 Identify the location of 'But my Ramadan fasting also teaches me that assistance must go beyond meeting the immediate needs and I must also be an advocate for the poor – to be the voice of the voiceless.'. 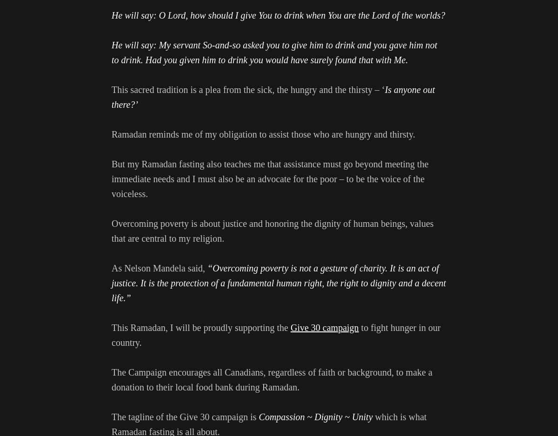
(269, 178).